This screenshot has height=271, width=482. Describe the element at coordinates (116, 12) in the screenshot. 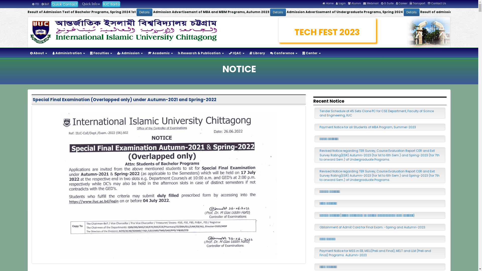

I see `'Details'` at that location.